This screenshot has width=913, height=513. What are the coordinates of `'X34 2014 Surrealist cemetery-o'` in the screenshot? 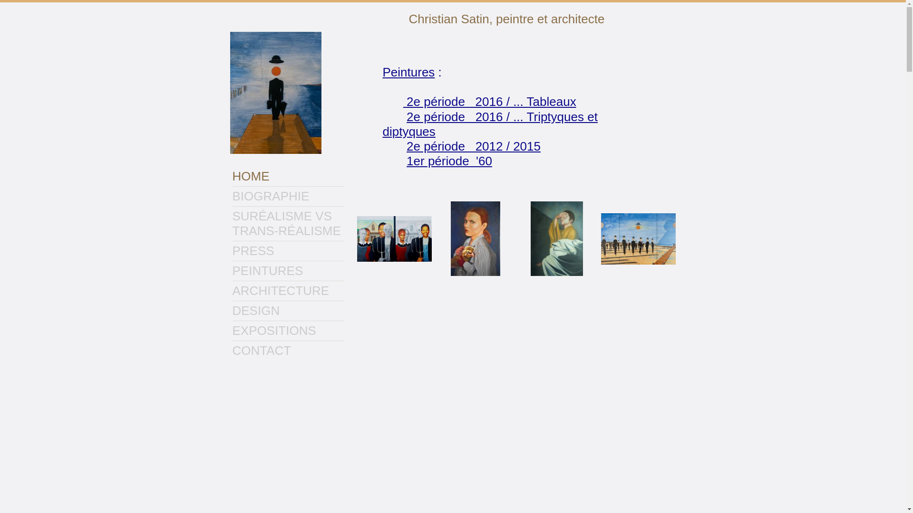 It's located at (638, 238).